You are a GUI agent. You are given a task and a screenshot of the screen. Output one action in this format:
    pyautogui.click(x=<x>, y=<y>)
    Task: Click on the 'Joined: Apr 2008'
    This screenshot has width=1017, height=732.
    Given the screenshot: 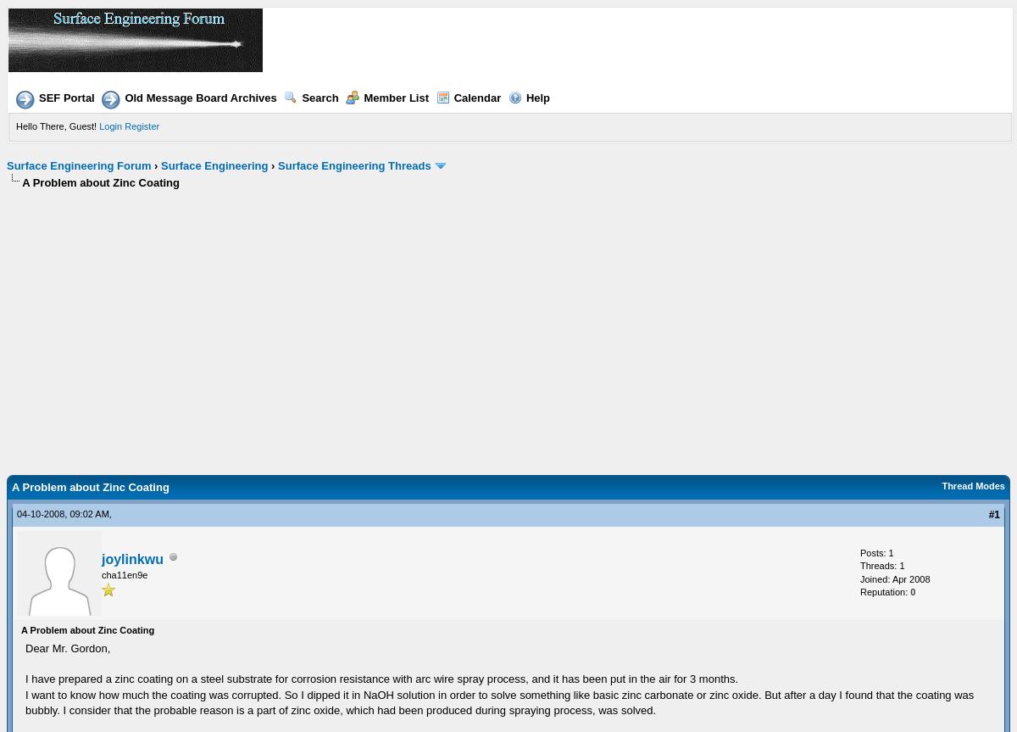 What is the action you would take?
    pyautogui.click(x=859, y=578)
    